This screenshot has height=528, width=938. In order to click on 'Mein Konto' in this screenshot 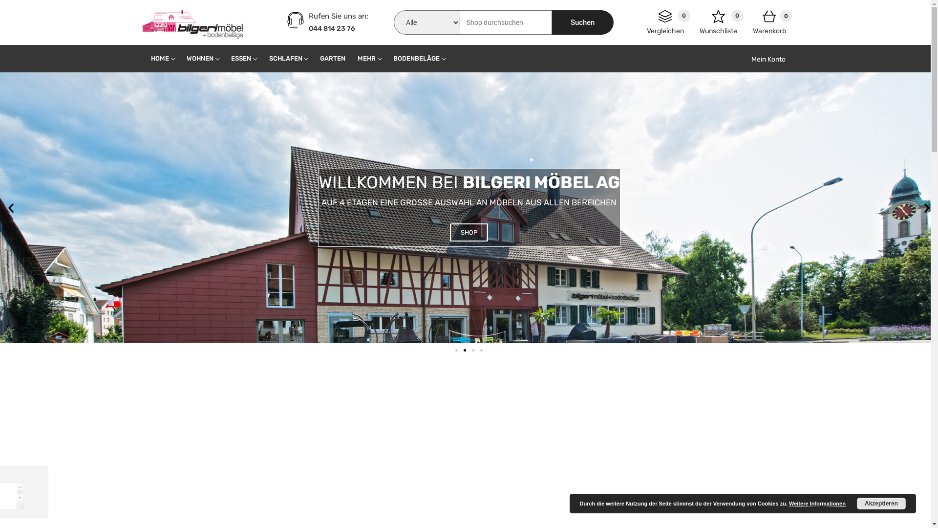, I will do `click(764, 59)`.